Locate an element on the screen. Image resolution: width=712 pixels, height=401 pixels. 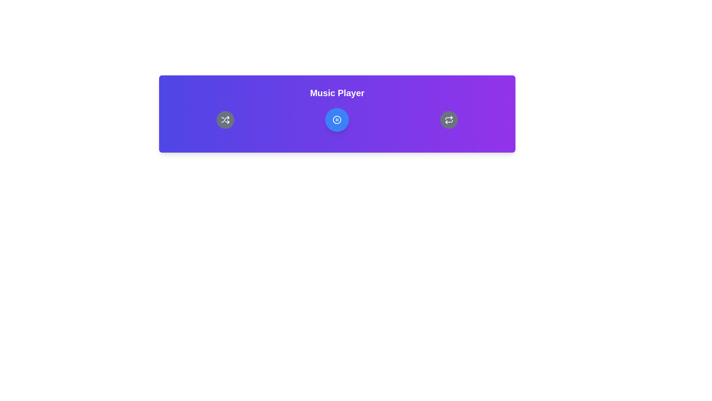
the central button in the music player interface is located at coordinates (337, 120).